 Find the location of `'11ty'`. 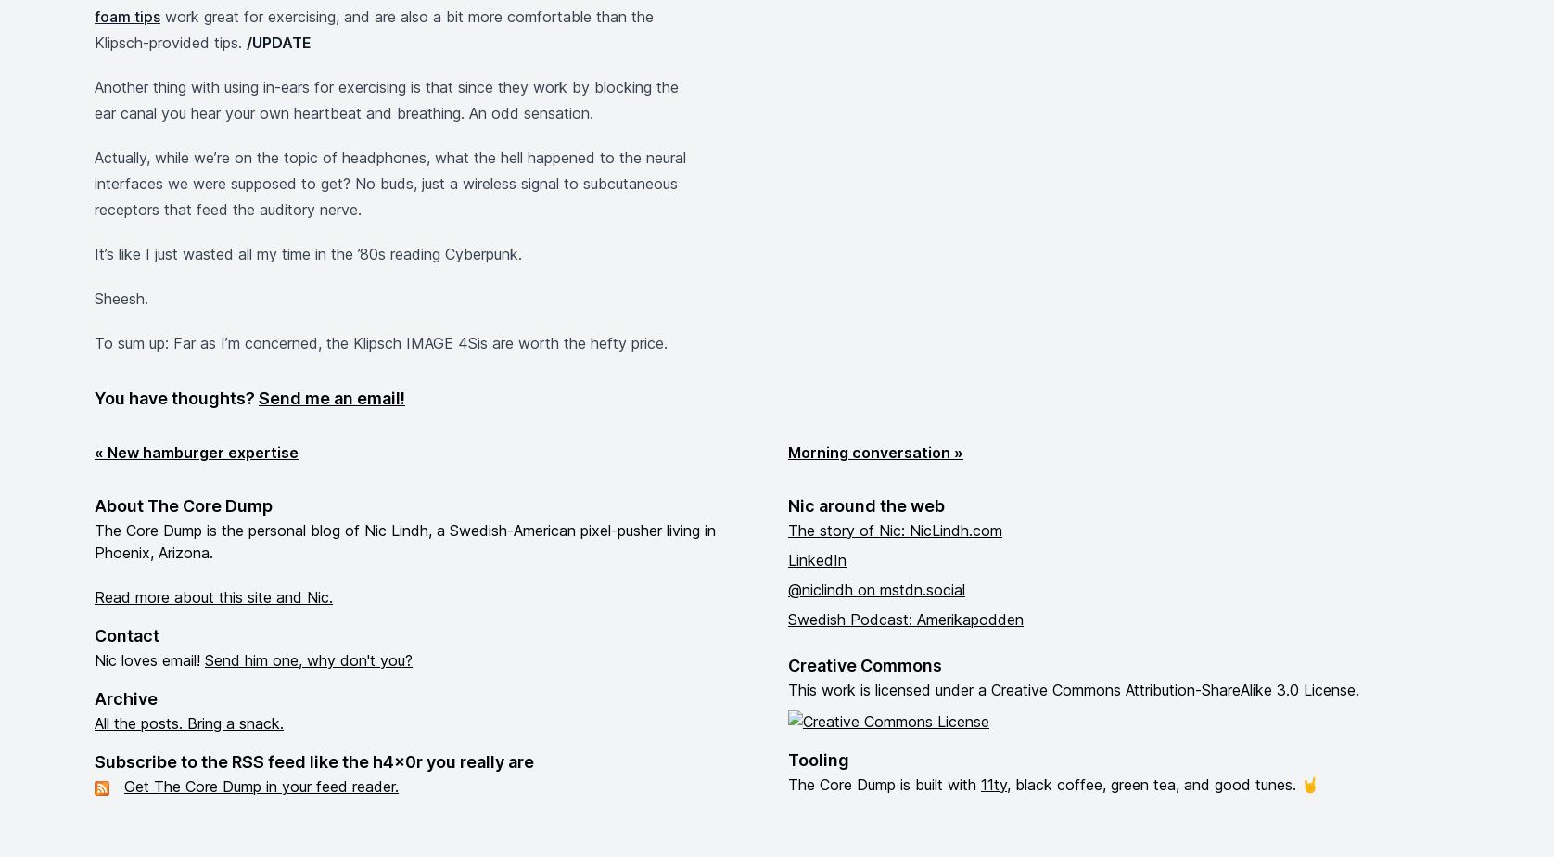

'11ty' is located at coordinates (992, 785).